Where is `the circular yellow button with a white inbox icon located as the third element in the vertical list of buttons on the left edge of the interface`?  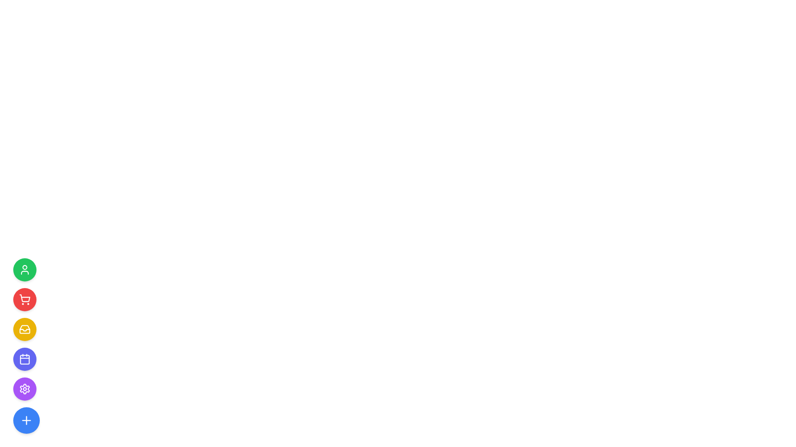
the circular yellow button with a white inbox icon located as the third element in the vertical list of buttons on the left edge of the interface is located at coordinates (24, 329).